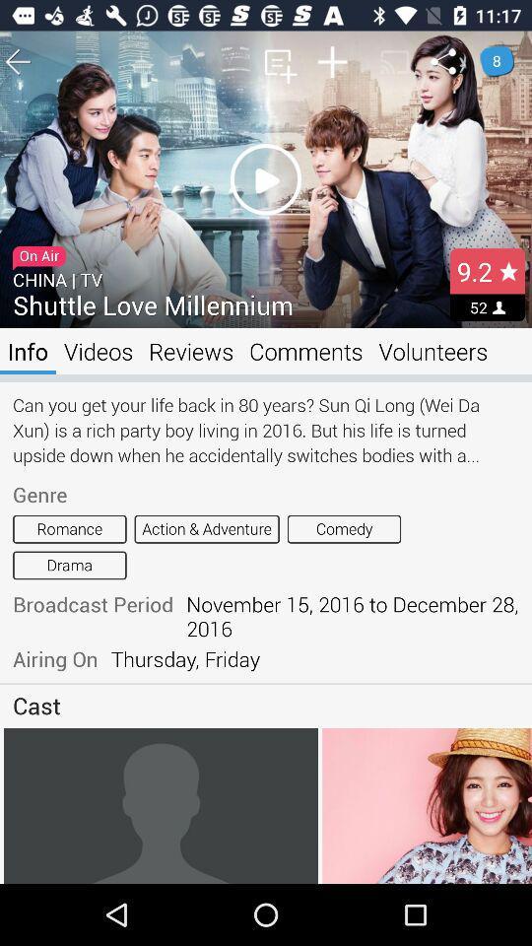  What do you see at coordinates (206, 528) in the screenshot?
I see `the action & adventure item` at bounding box center [206, 528].